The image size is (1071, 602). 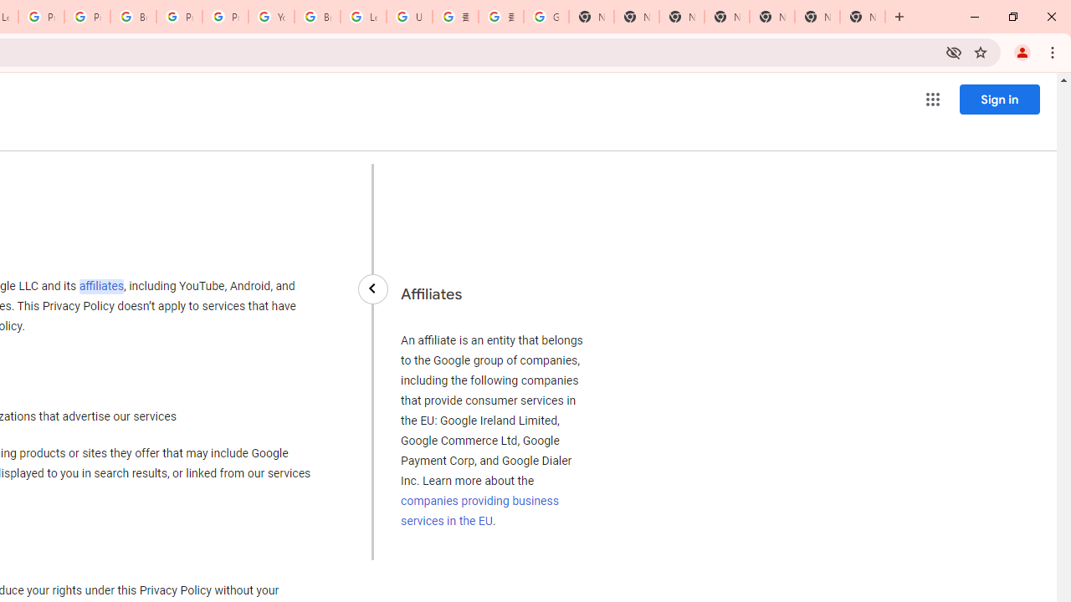 What do you see at coordinates (100, 285) in the screenshot?
I see `'affiliates'` at bounding box center [100, 285].